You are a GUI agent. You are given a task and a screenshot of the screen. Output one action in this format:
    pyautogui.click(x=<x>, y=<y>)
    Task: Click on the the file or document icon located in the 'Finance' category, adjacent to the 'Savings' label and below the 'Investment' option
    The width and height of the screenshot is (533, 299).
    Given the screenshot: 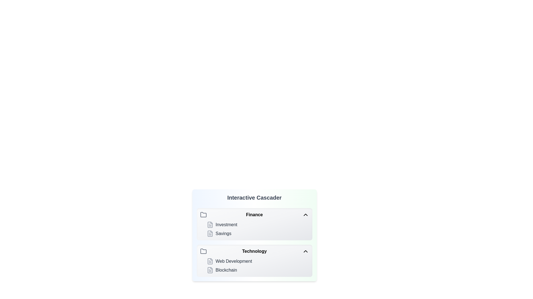 What is the action you would take?
    pyautogui.click(x=210, y=234)
    